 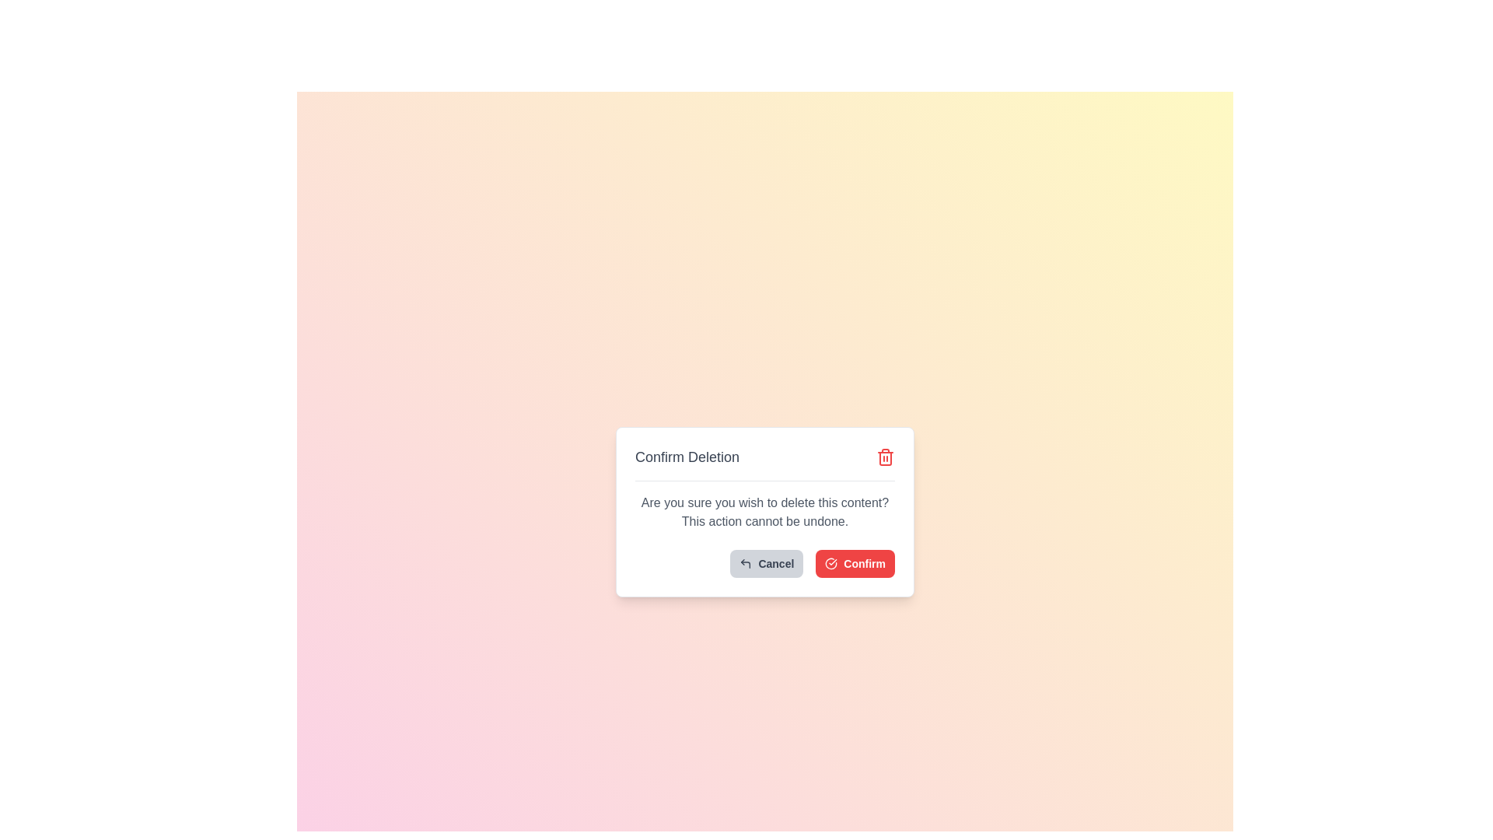 I want to click on text label that displays the message 'Are you sure you wish to delete this content?' and 'This action cannot be undone.' located under the header 'Confirm Deletion' on the modal dialogue box, so click(x=764, y=512).